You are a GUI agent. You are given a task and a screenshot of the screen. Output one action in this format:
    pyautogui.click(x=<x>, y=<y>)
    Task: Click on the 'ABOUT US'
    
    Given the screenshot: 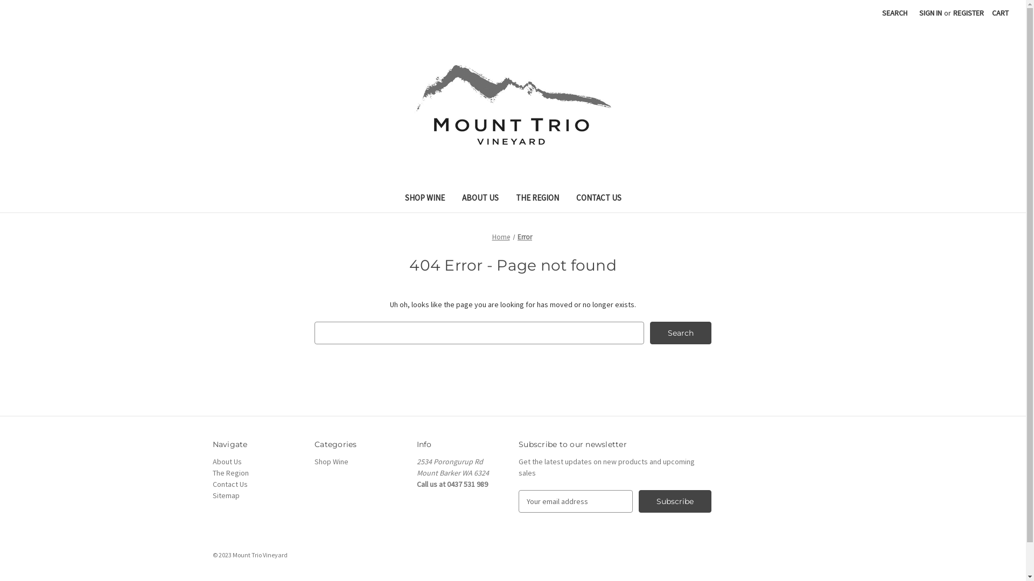 What is the action you would take?
    pyautogui.click(x=480, y=199)
    